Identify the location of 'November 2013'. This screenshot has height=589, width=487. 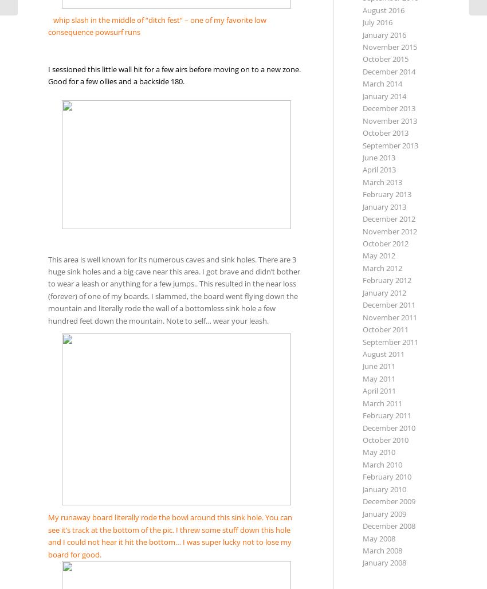
(389, 120).